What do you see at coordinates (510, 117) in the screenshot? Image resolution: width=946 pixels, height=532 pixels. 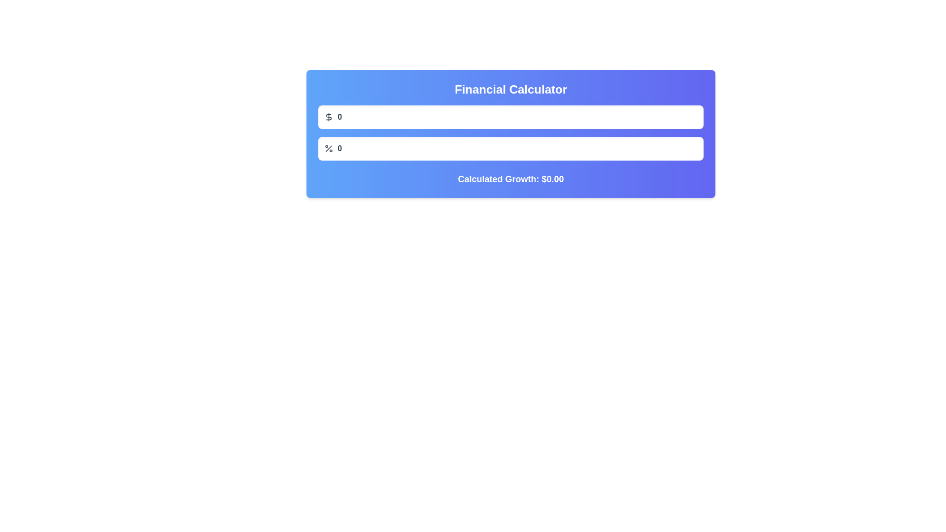 I see `the first input field for monetary values, which is prefixed by a dollar symbol` at bounding box center [510, 117].